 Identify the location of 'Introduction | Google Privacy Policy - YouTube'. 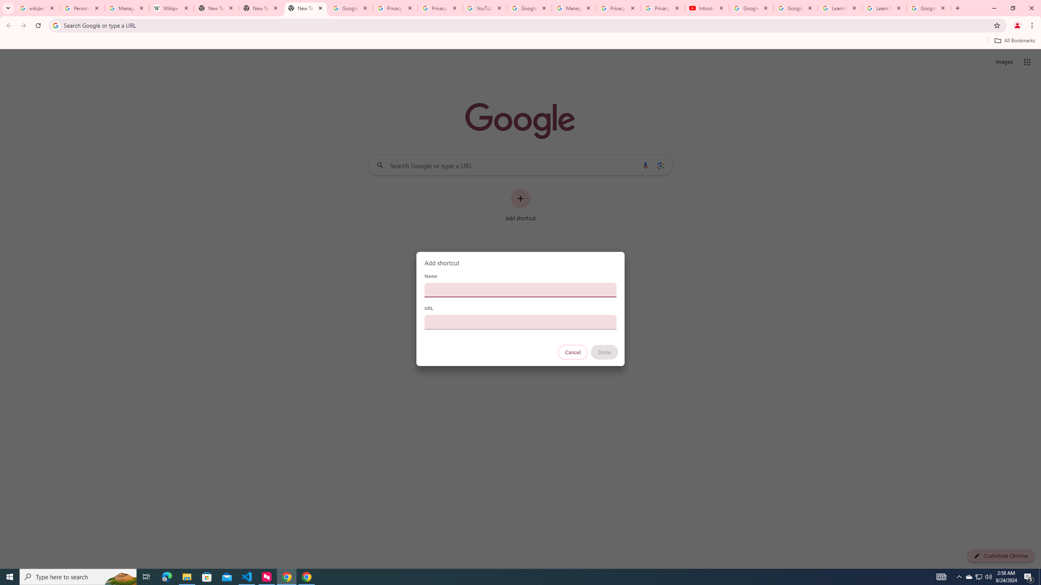
(706, 8).